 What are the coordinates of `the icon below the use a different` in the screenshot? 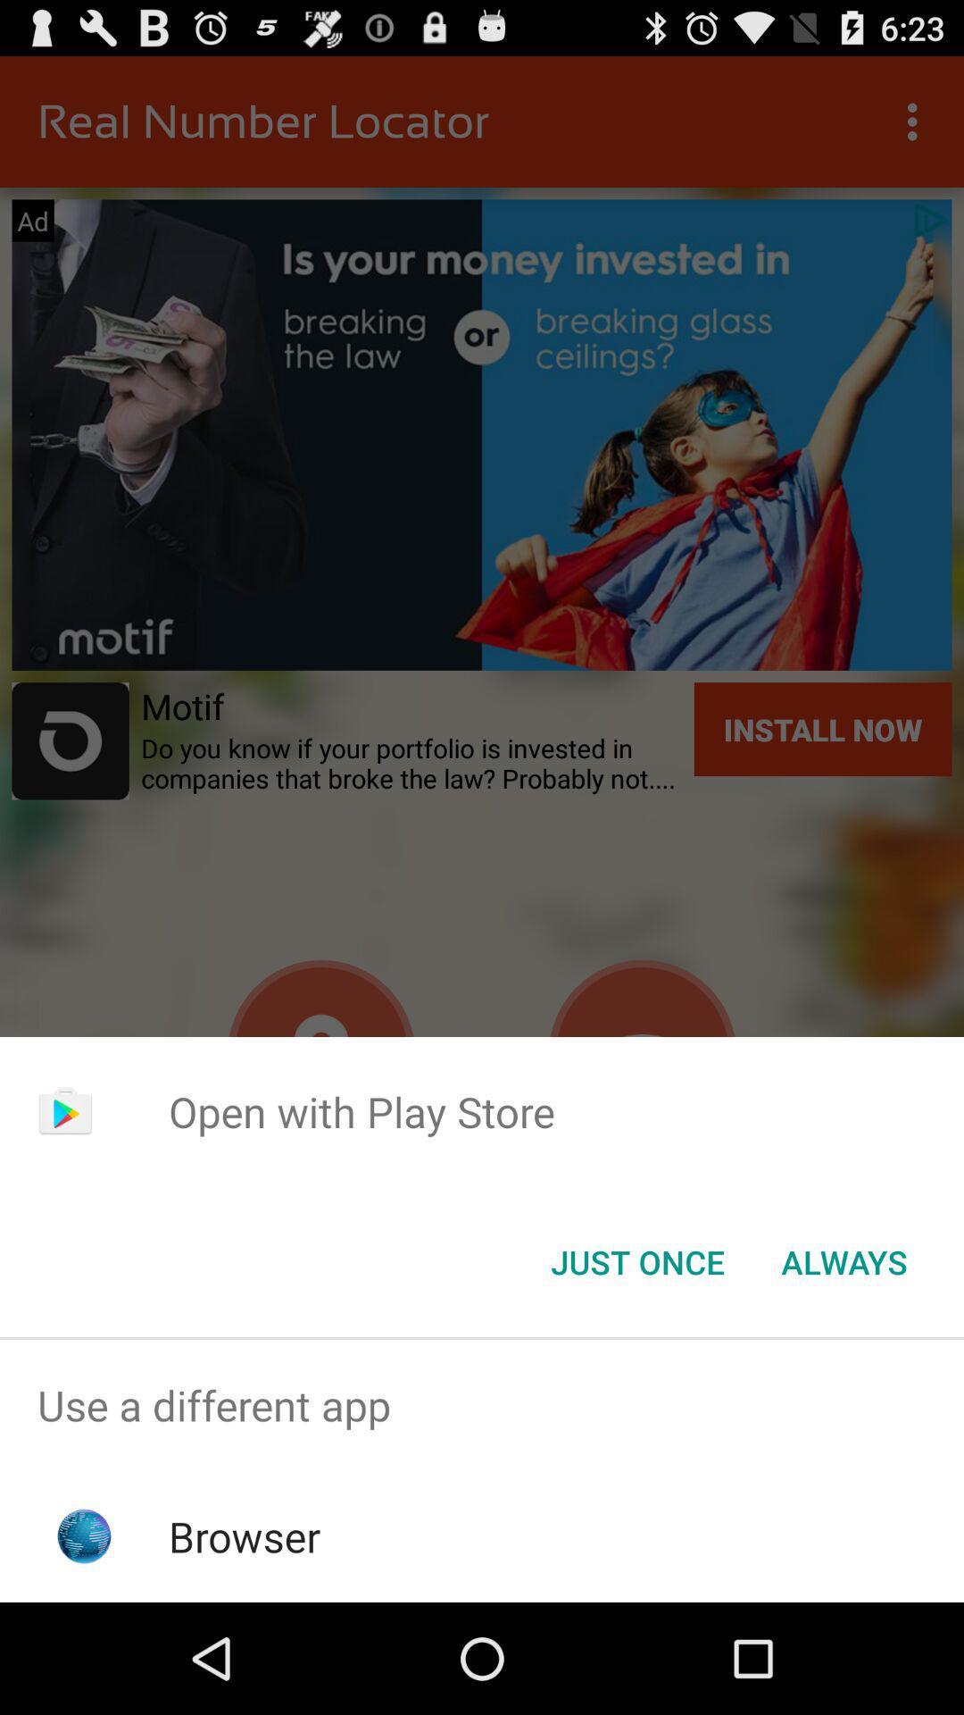 It's located at (245, 1535).